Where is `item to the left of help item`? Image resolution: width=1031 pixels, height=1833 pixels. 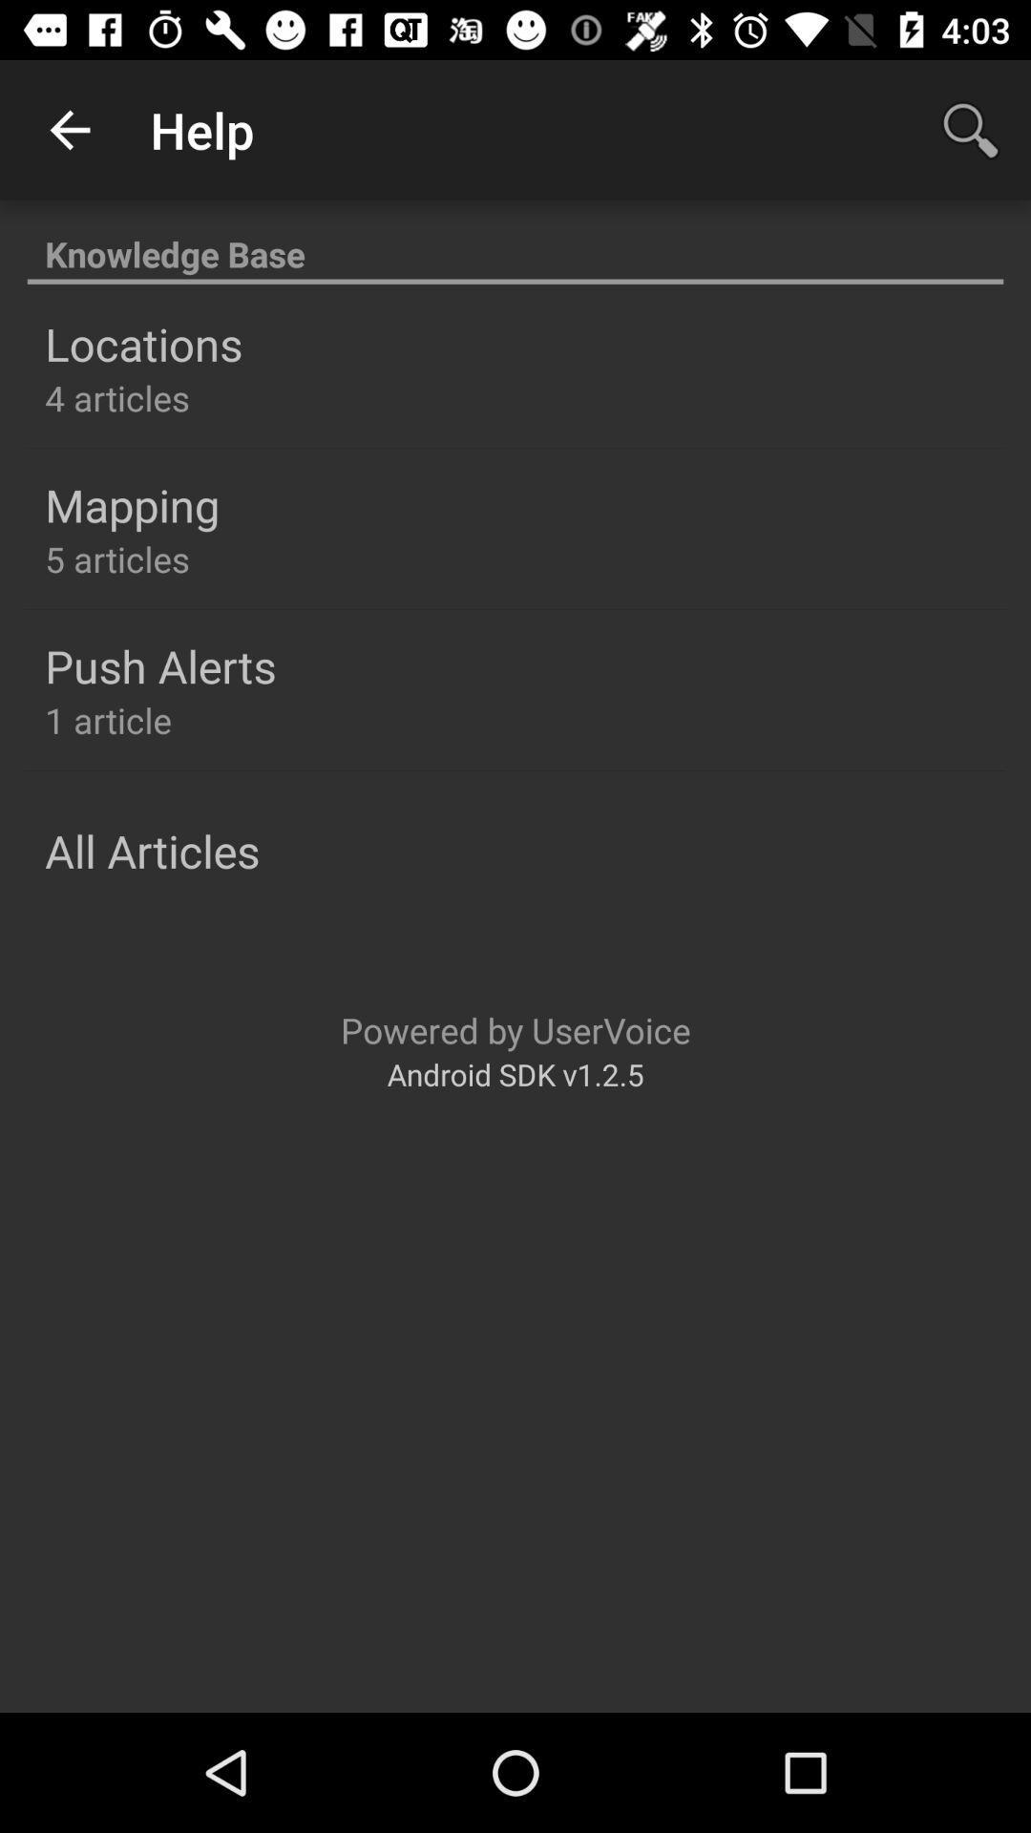
item to the left of help item is located at coordinates (69, 129).